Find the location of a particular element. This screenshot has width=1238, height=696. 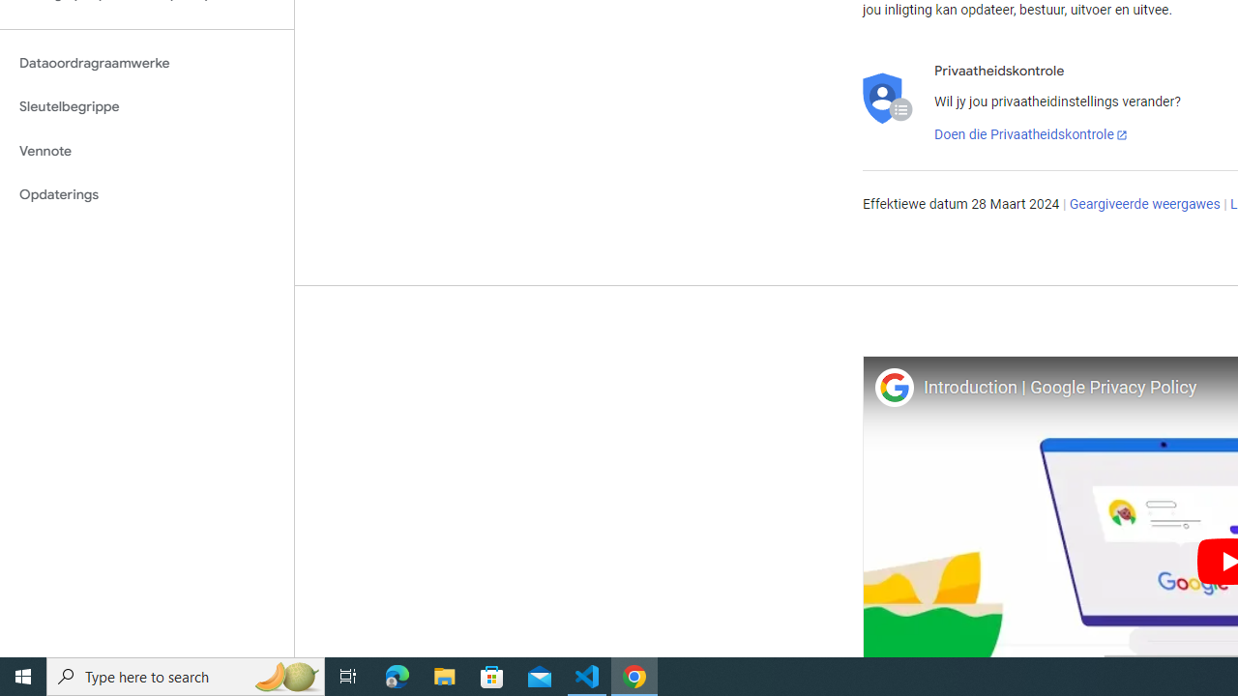

'Vennote' is located at coordinates (146, 150).